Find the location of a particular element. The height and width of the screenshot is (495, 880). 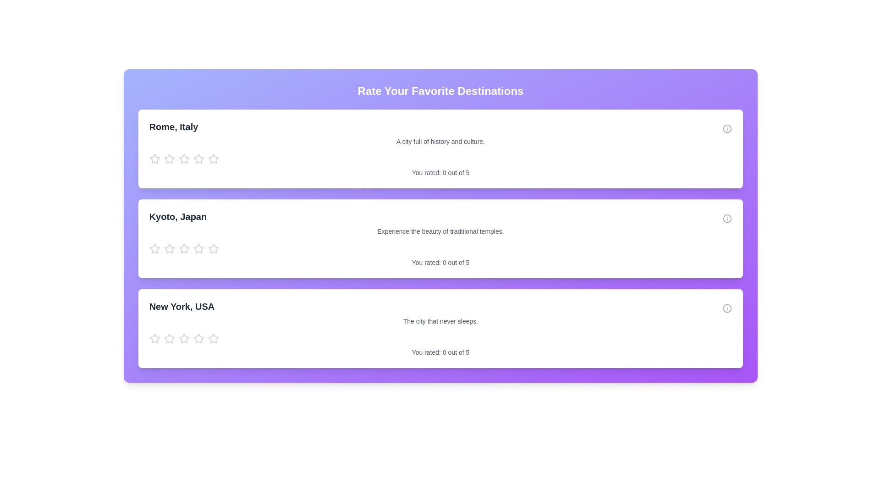

the second star icon in the rating component for 'Kyoto, Japan' to rate it is located at coordinates (213, 248).